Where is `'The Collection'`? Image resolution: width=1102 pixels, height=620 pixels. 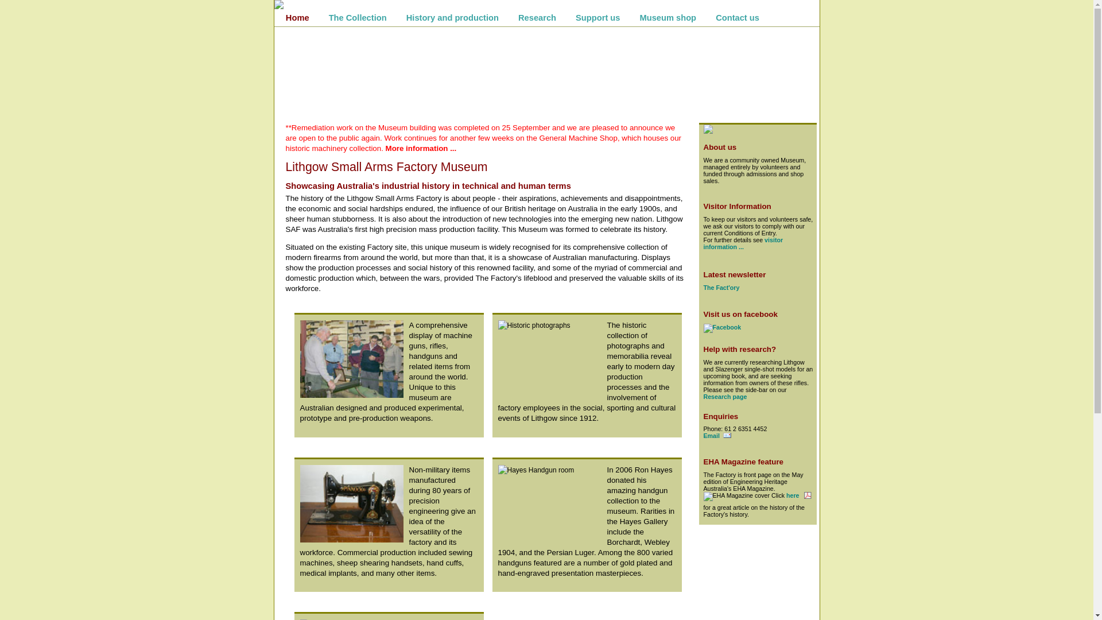 'The Collection' is located at coordinates (357, 17).